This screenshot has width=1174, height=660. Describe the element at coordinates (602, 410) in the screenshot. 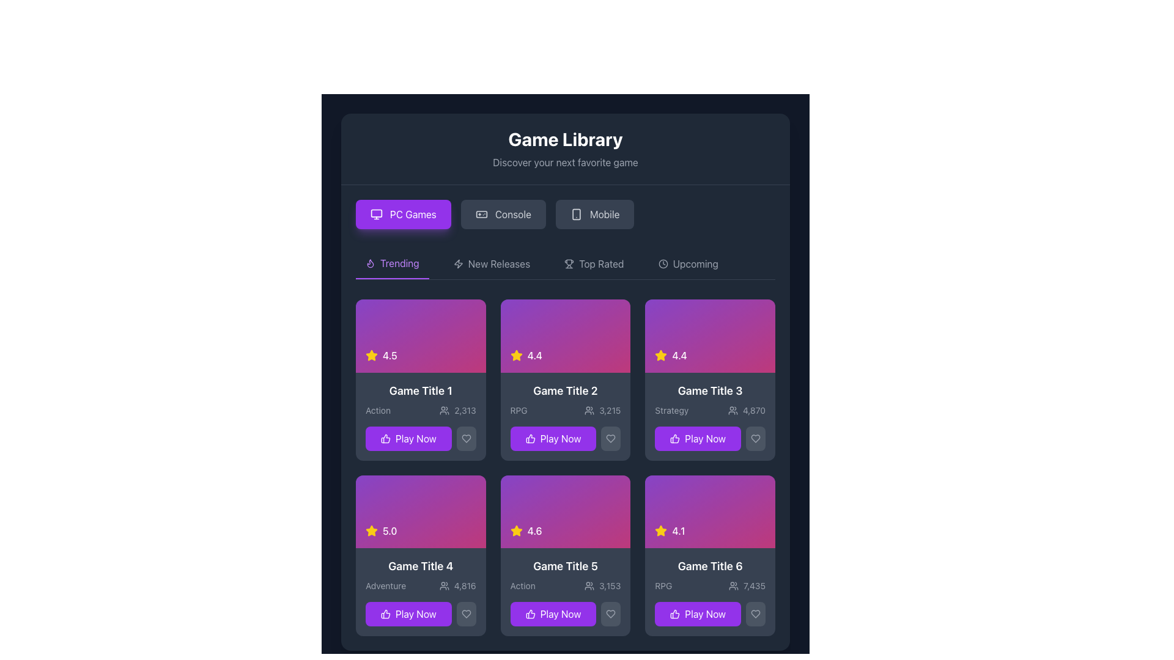

I see `the text element displaying the number '3,215' next to the user icon within the Game Title 2 card in the second column of the first row of the games grid` at that location.